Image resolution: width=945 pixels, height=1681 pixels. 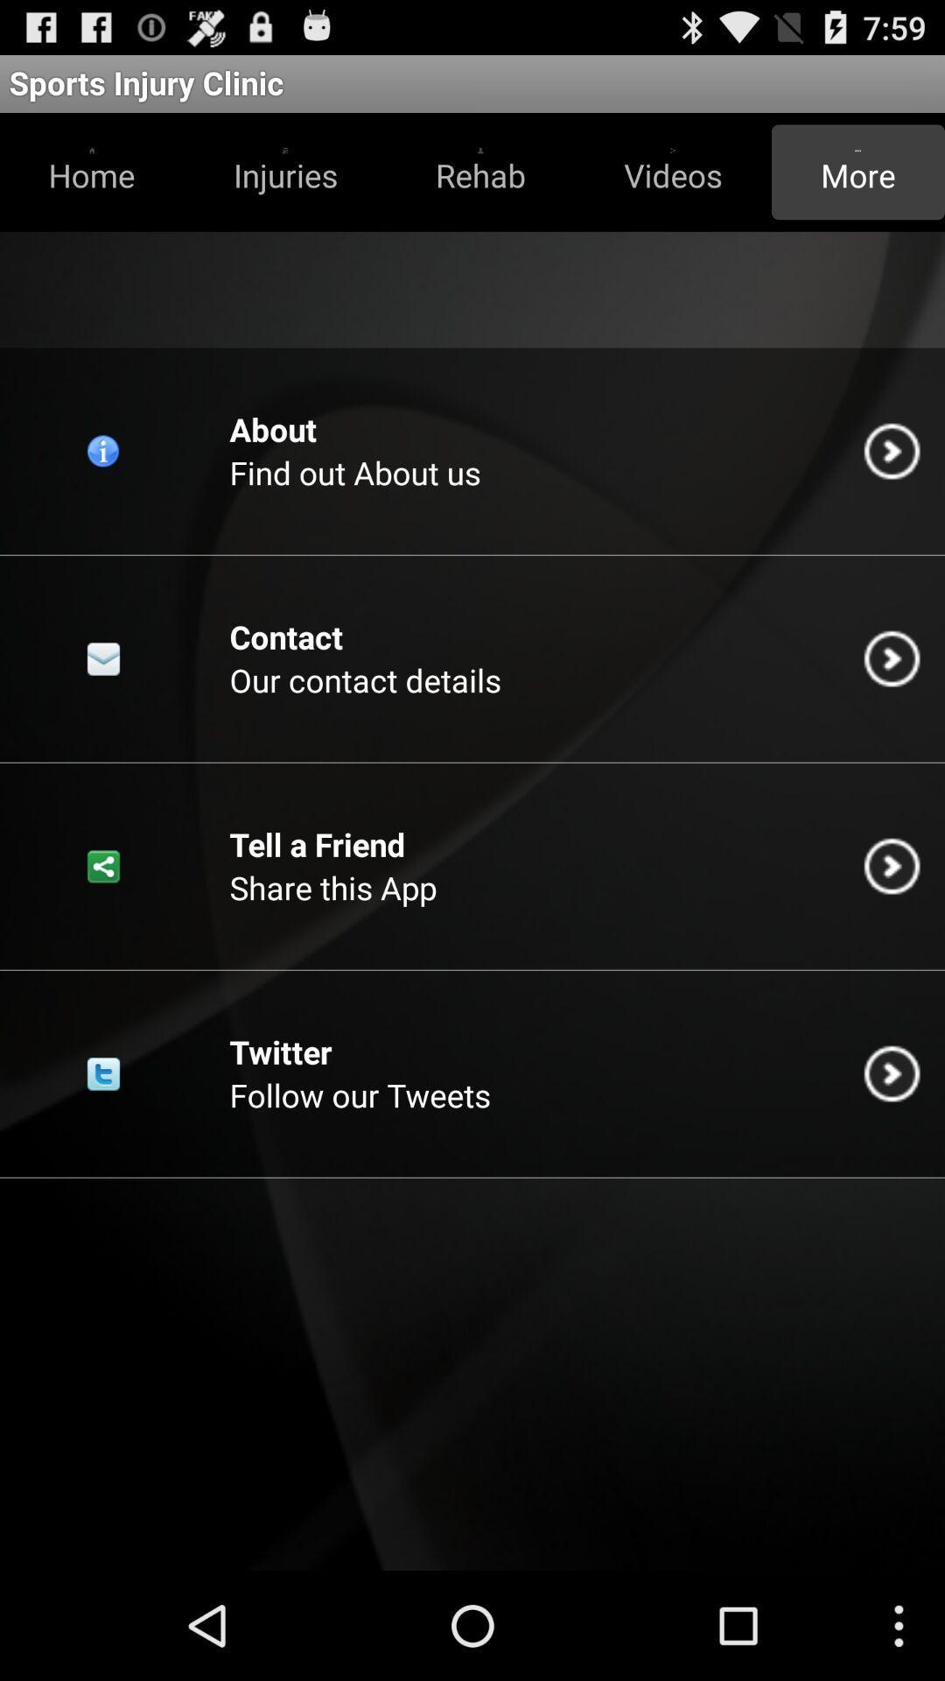 I want to click on the more icon, so click(x=857, y=172).